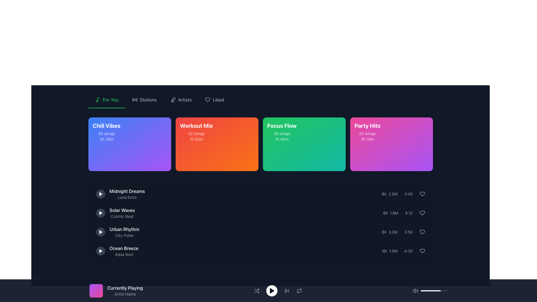  I want to click on keyboard navigation, so click(272, 291).